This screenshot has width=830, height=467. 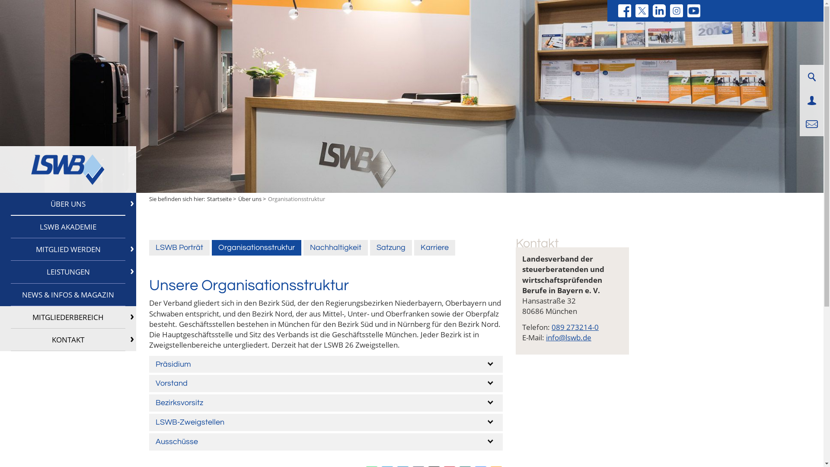 What do you see at coordinates (811, 100) in the screenshot?
I see `'Login'` at bounding box center [811, 100].